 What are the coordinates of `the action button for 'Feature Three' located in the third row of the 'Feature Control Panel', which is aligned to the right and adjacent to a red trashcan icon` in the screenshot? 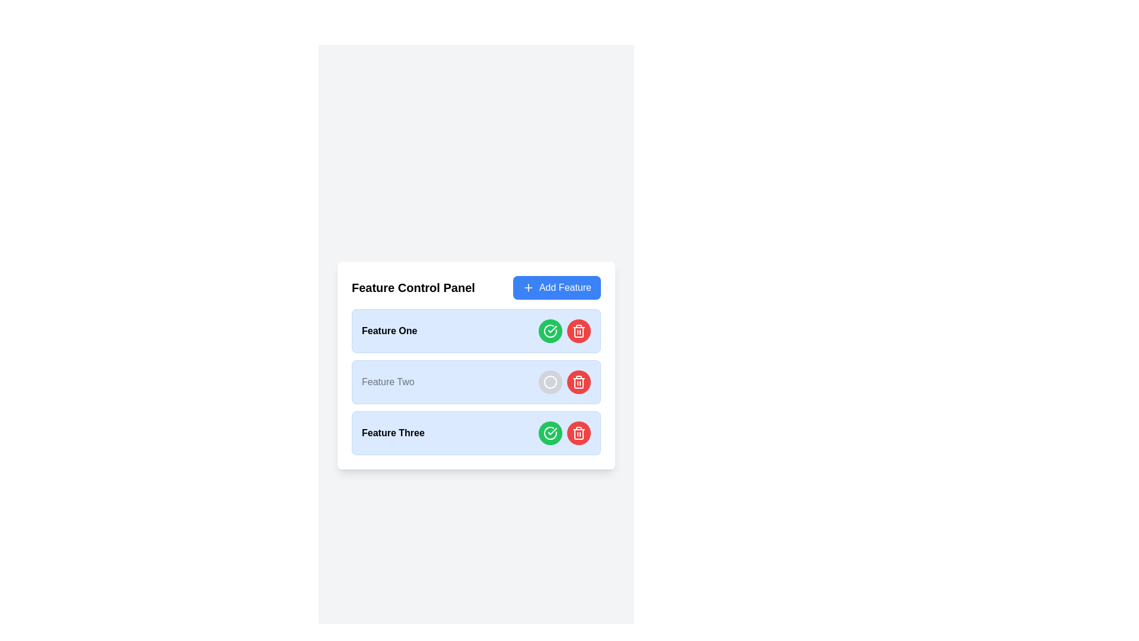 It's located at (549, 433).